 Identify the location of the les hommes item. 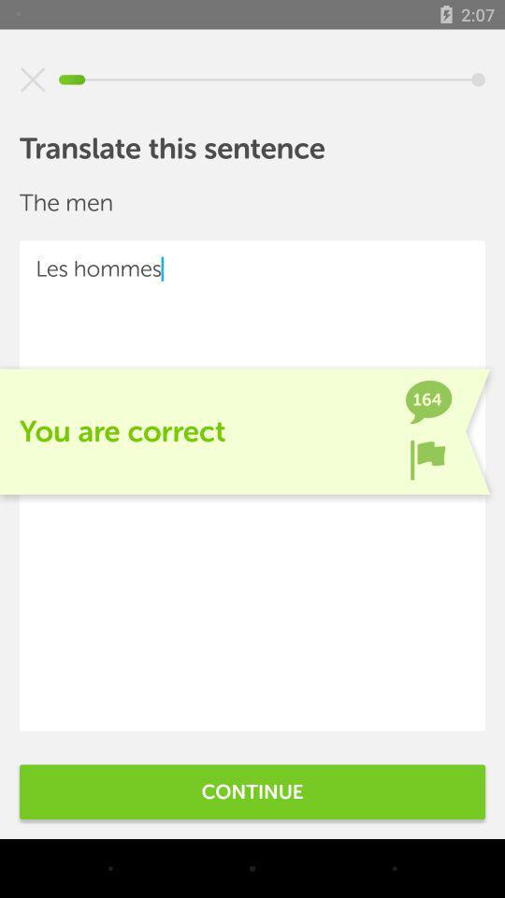
(252, 485).